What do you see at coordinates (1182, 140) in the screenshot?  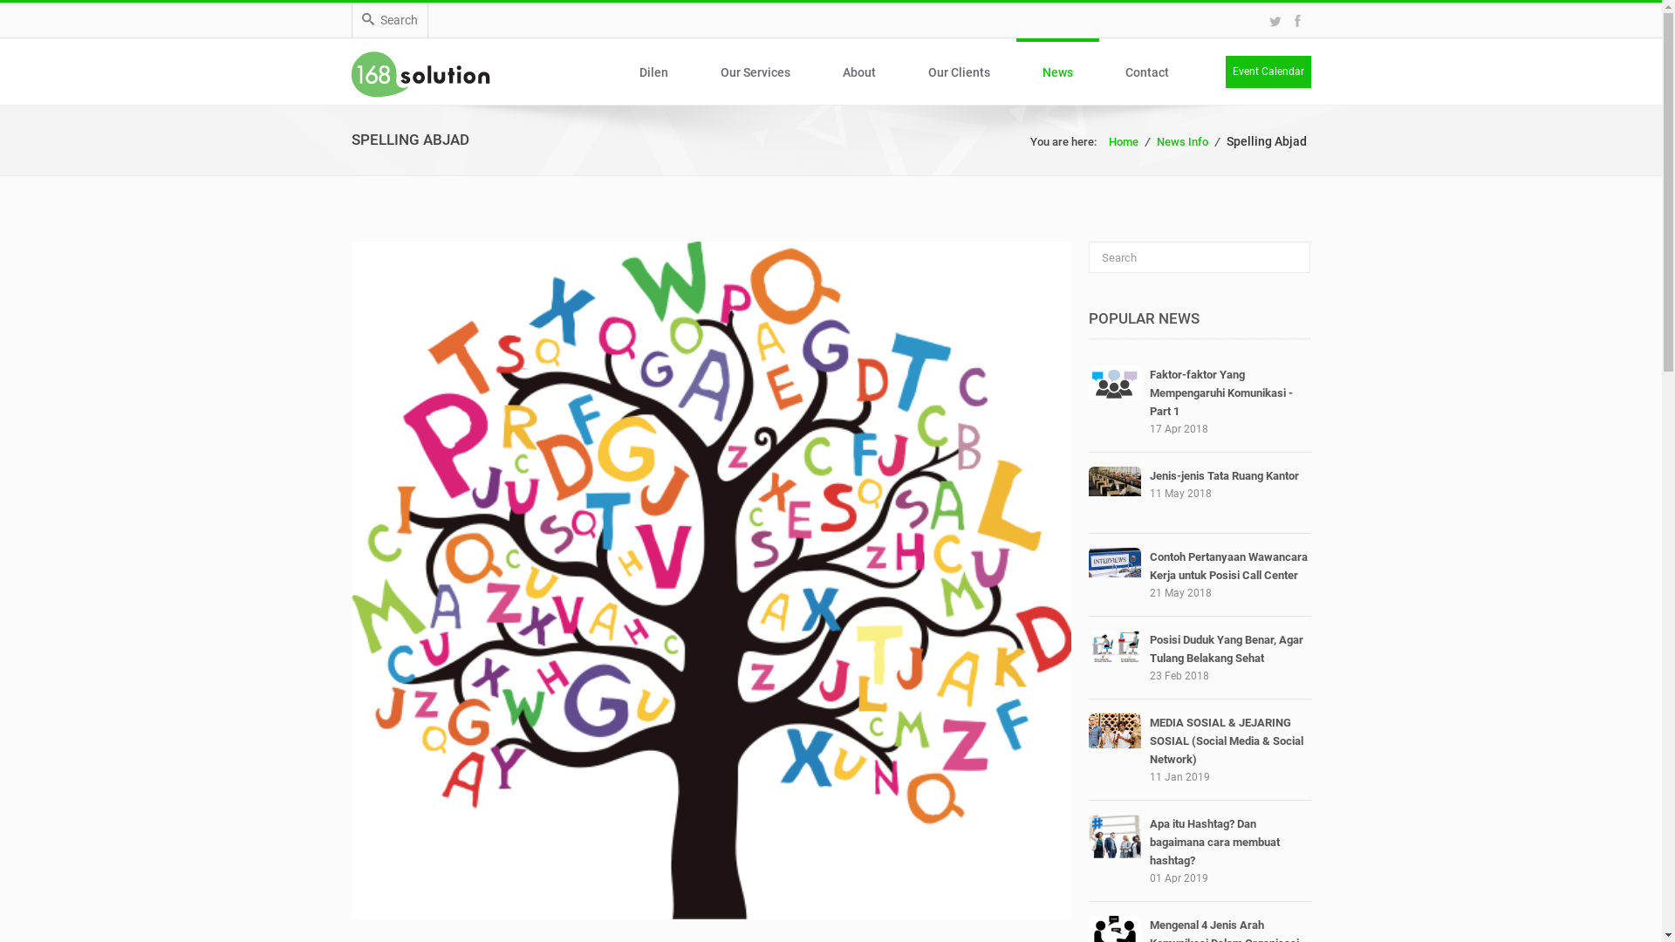 I see `'News Info'` at bounding box center [1182, 140].